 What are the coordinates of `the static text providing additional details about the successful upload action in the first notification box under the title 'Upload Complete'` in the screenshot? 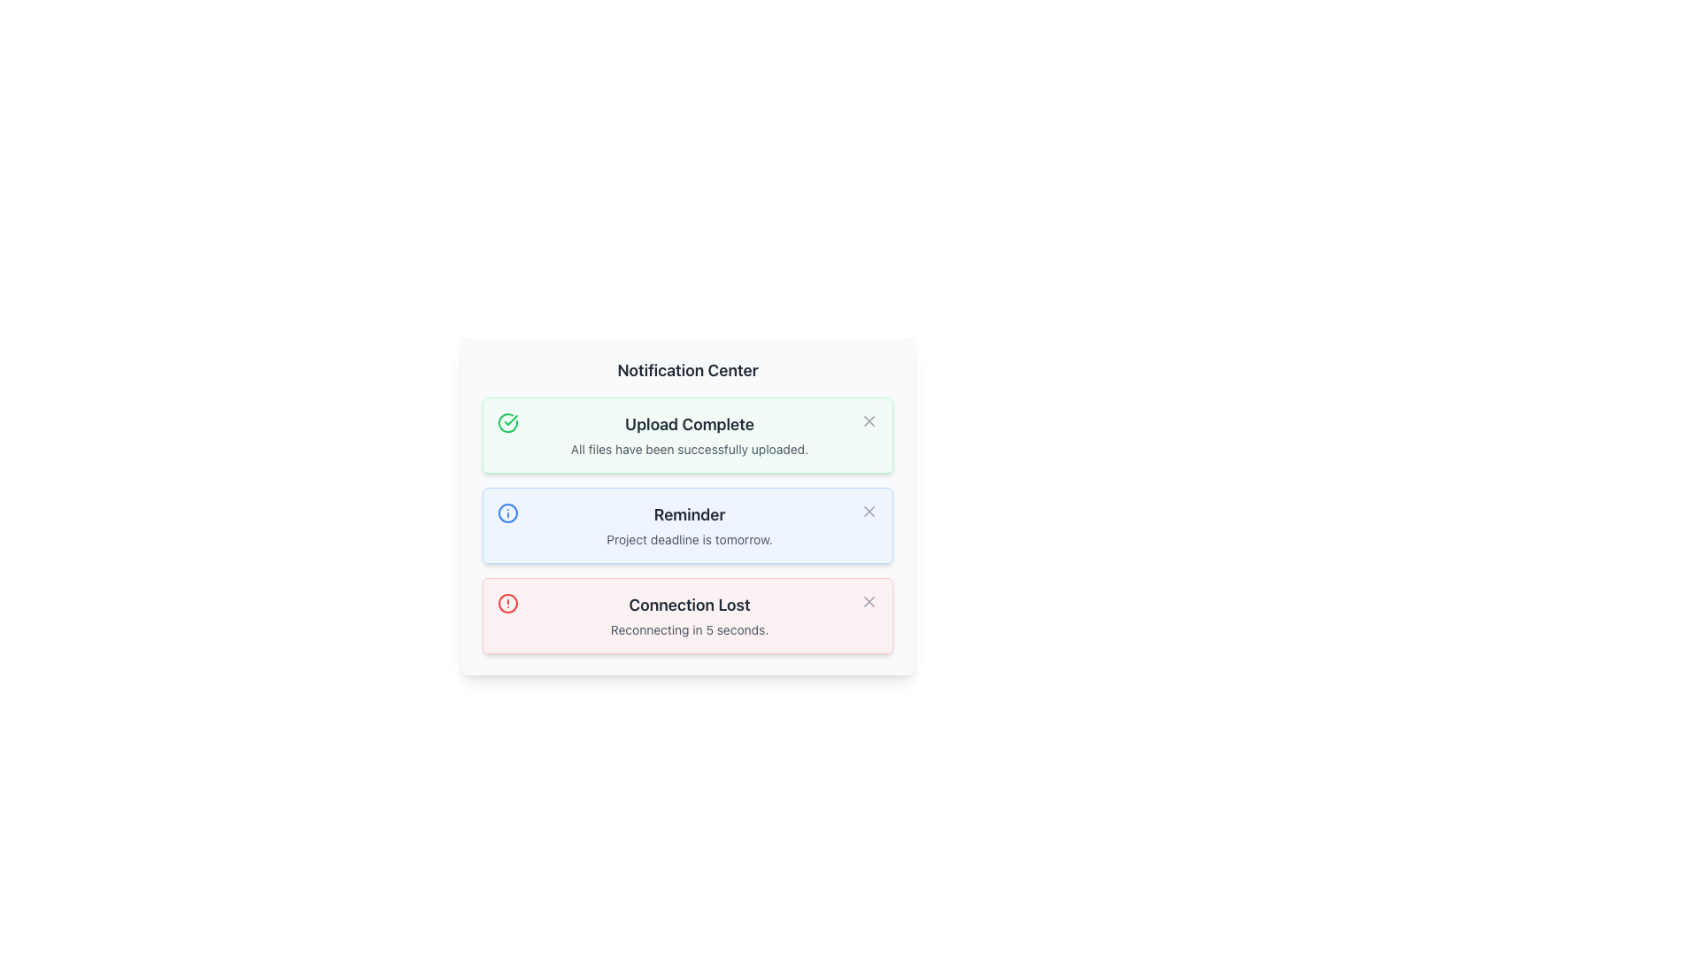 It's located at (688, 449).